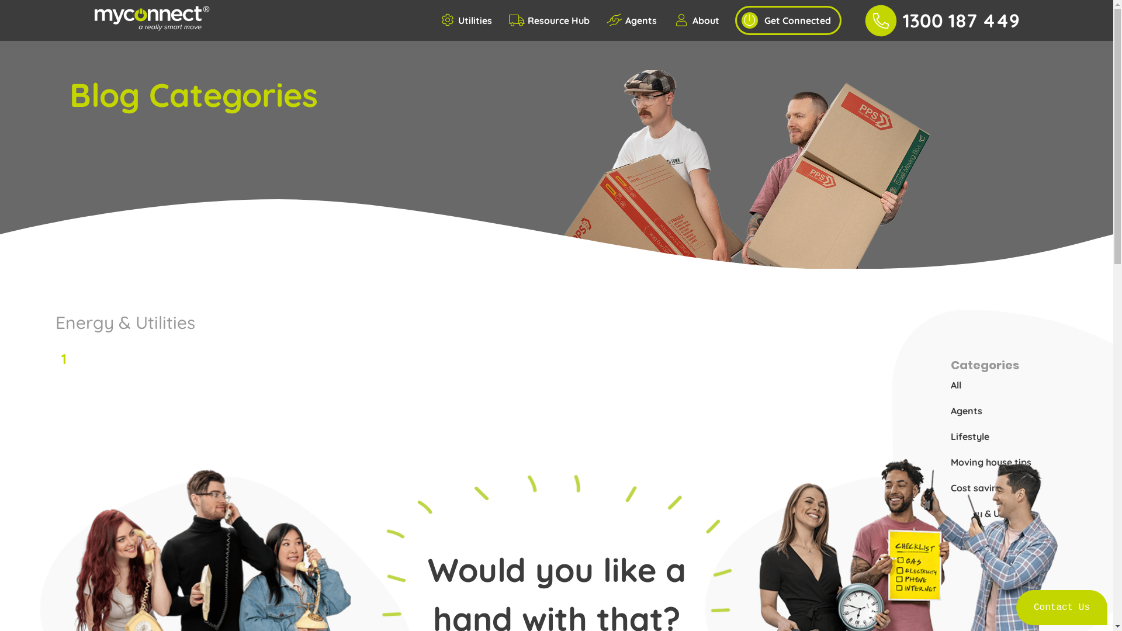 This screenshot has width=1122, height=631. Describe the element at coordinates (951, 539) in the screenshot. I see `'How to's'` at that location.